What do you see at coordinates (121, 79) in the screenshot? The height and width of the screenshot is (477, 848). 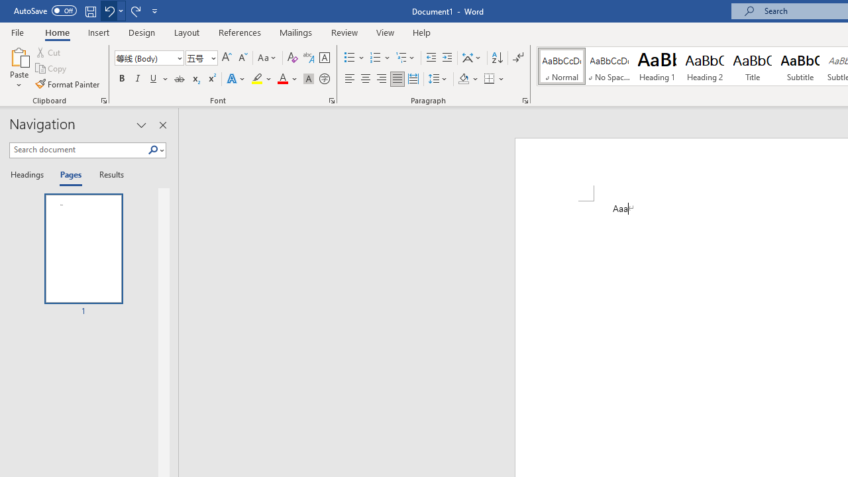 I see `'Bold'` at bounding box center [121, 79].